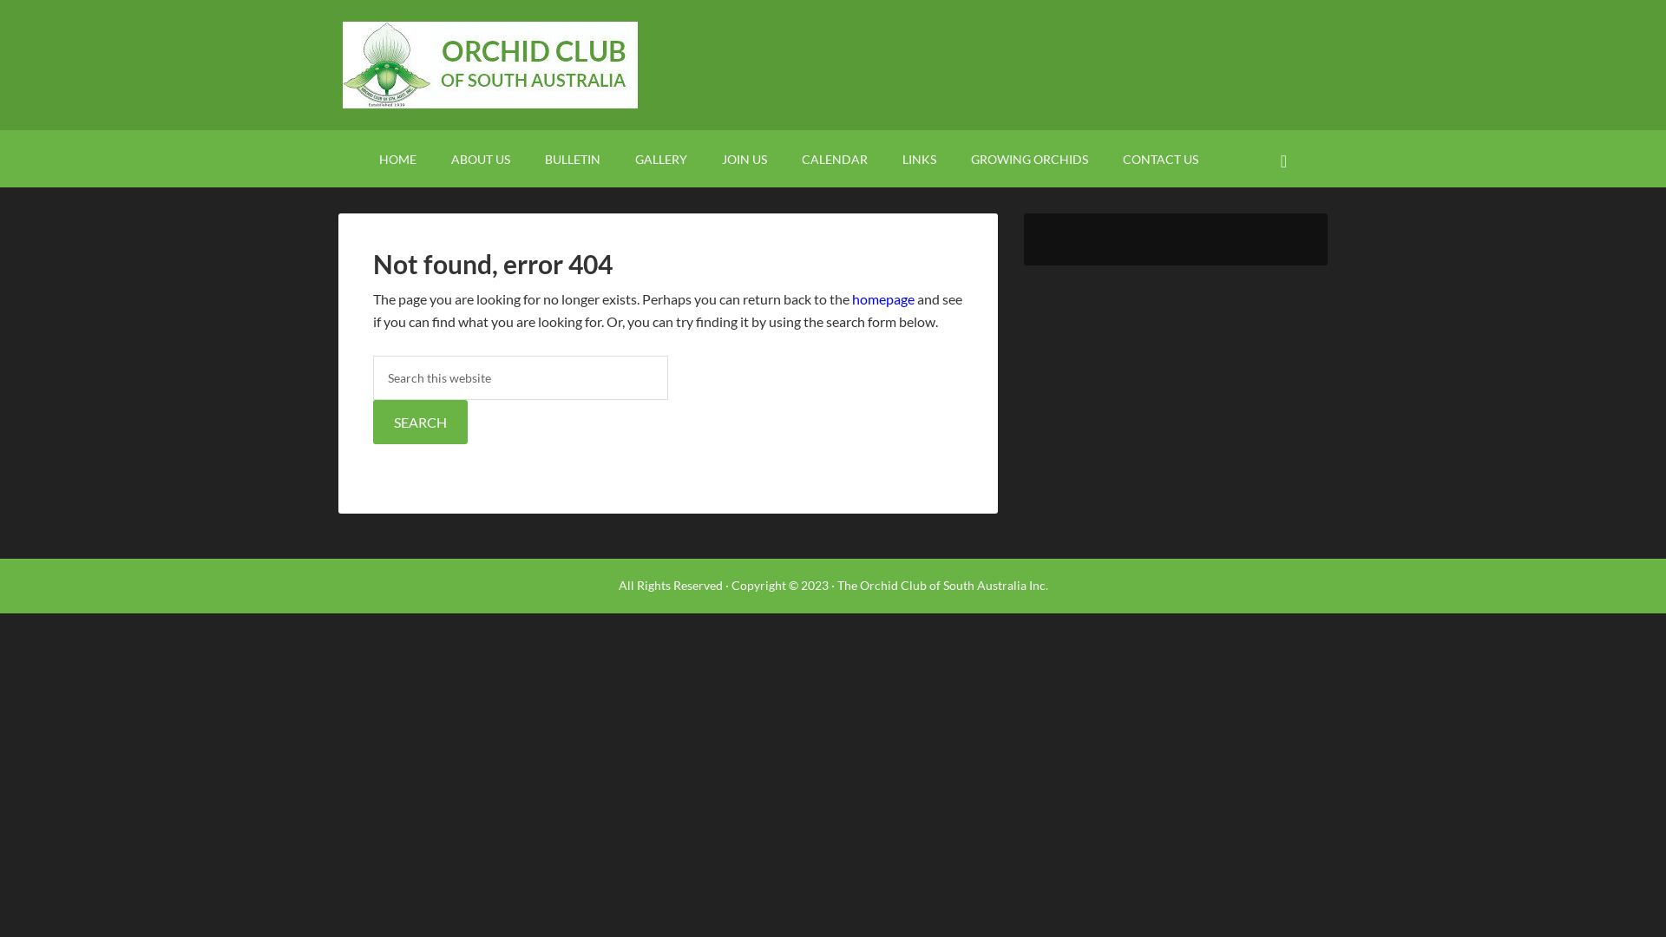  What do you see at coordinates (420, 422) in the screenshot?
I see `'Search'` at bounding box center [420, 422].